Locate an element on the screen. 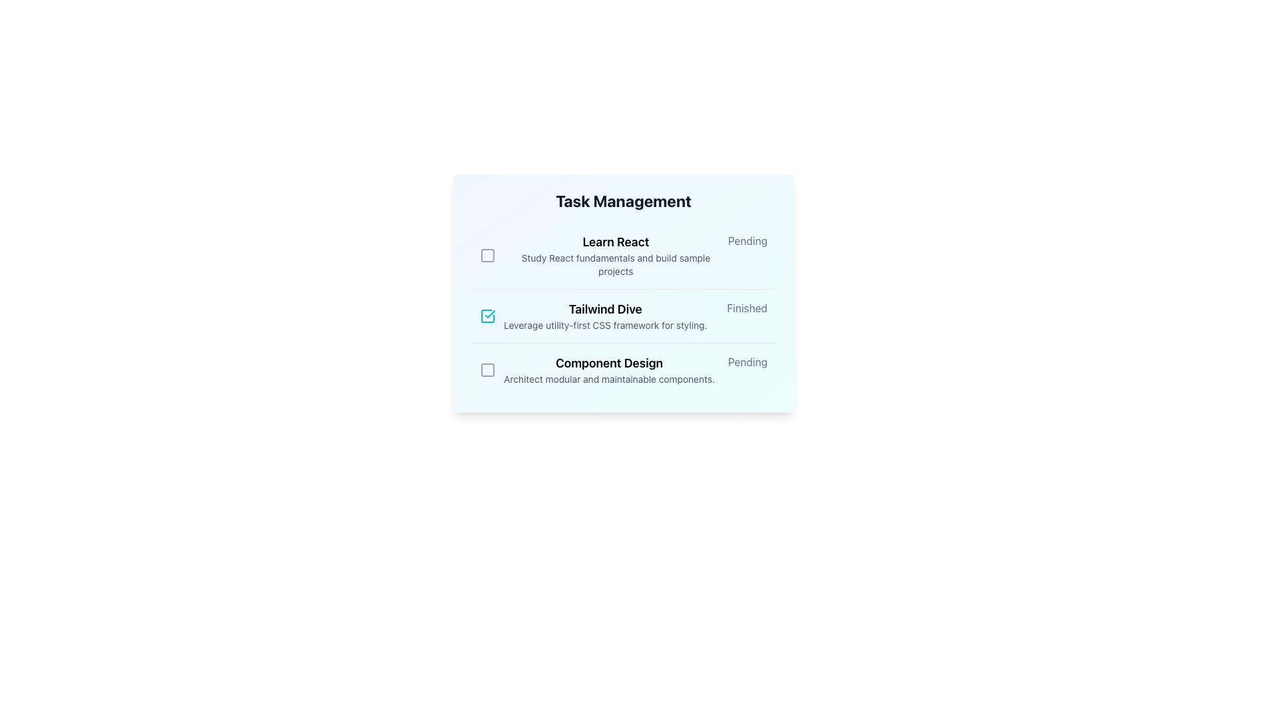  the styled SVG icon representing a completed task, located to the left of the row labeled 'Tailwind Dive' in the task list is located at coordinates (487, 316).